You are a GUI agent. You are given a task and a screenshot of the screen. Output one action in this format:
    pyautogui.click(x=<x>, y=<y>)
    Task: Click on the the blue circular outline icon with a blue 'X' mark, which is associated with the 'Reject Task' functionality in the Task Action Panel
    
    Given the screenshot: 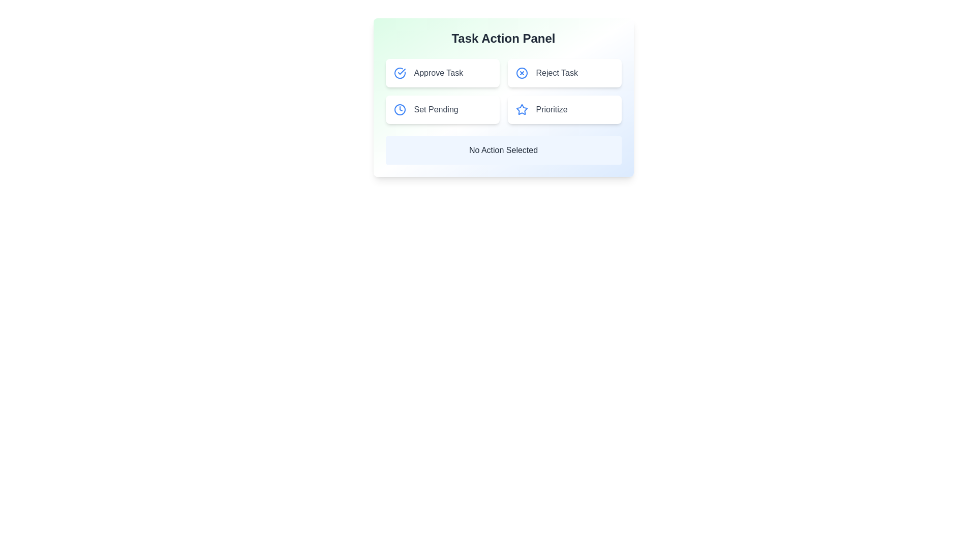 What is the action you would take?
    pyautogui.click(x=522, y=72)
    